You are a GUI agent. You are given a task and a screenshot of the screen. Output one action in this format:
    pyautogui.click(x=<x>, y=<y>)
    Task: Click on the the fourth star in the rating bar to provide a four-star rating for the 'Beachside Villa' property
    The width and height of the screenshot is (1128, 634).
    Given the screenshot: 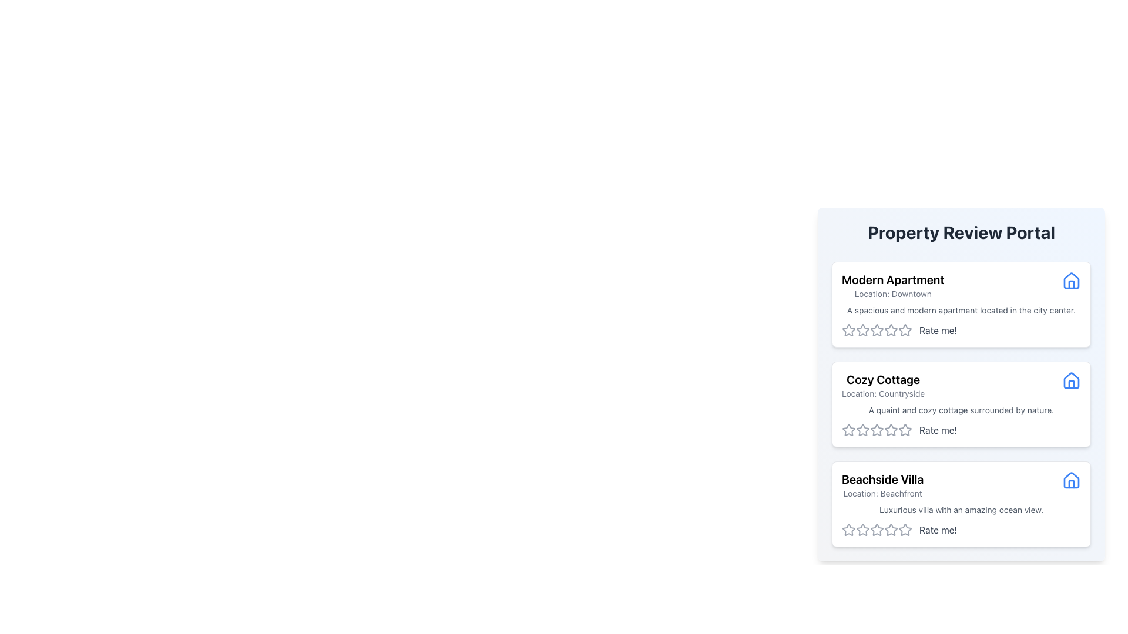 What is the action you would take?
    pyautogui.click(x=891, y=530)
    